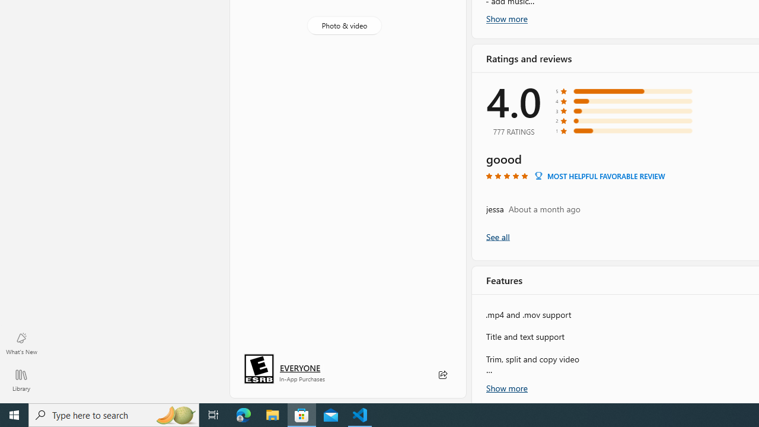  Describe the element at coordinates (442, 375) in the screenshot. I see `'Share'` at that location.